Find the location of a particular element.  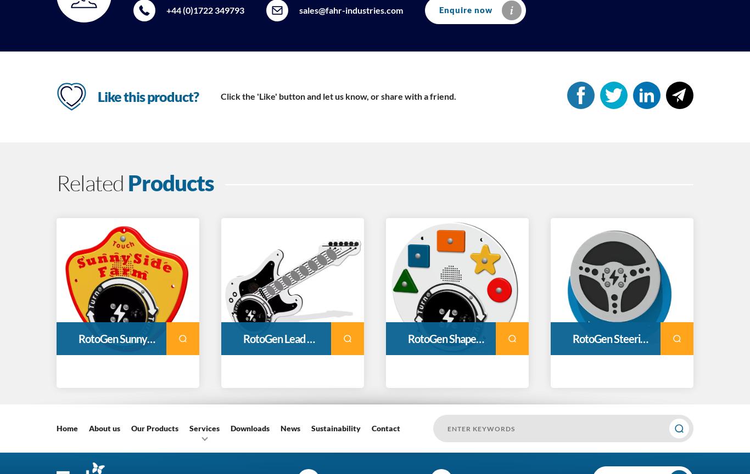

'Products' is located at coordinates (171, 182).